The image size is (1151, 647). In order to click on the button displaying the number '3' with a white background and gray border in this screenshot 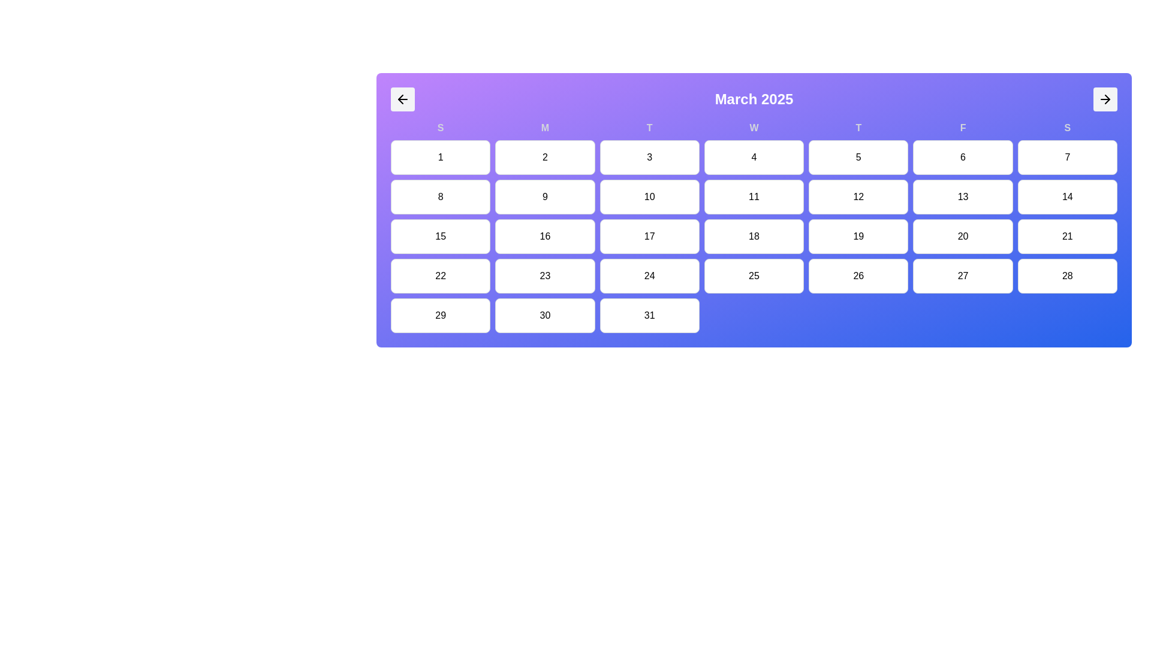, I will do `click(649, 156)`.